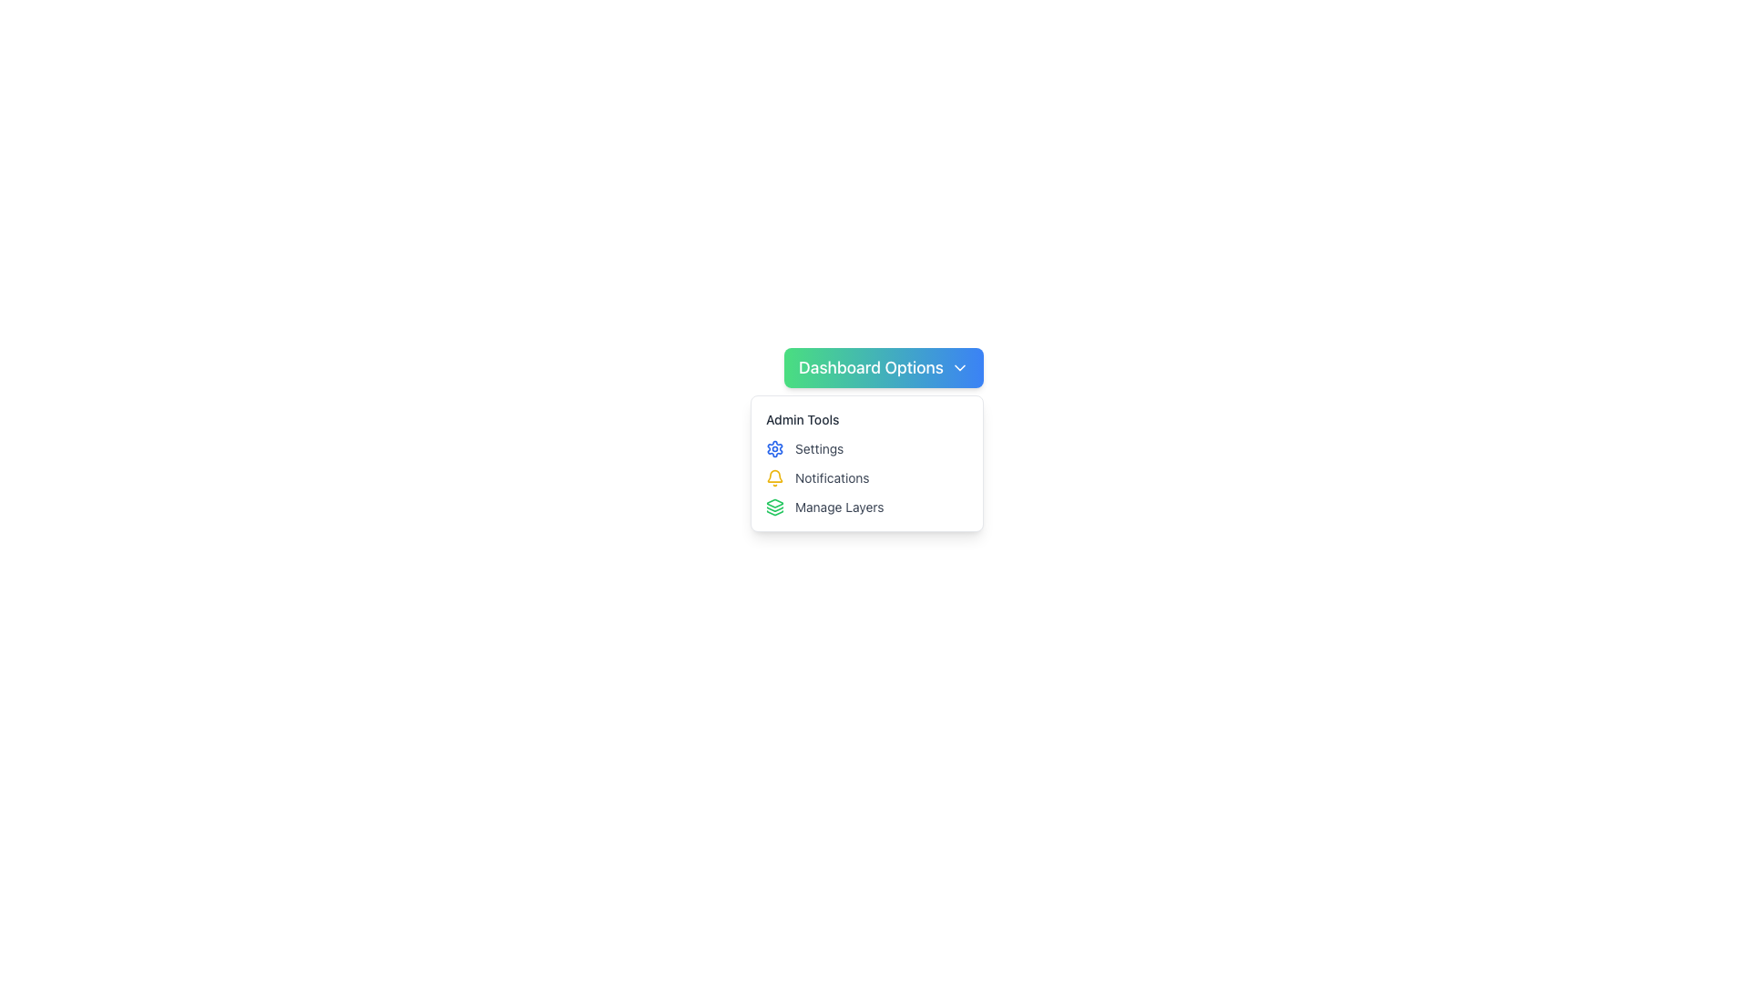 The width and height of the screenshot is (1749, 984). I want to click on the 'Manage Layers' icon that visually represents the option in the dropdown menu, located at the far left of the 'Manage Layers' section, so click(774, 507).